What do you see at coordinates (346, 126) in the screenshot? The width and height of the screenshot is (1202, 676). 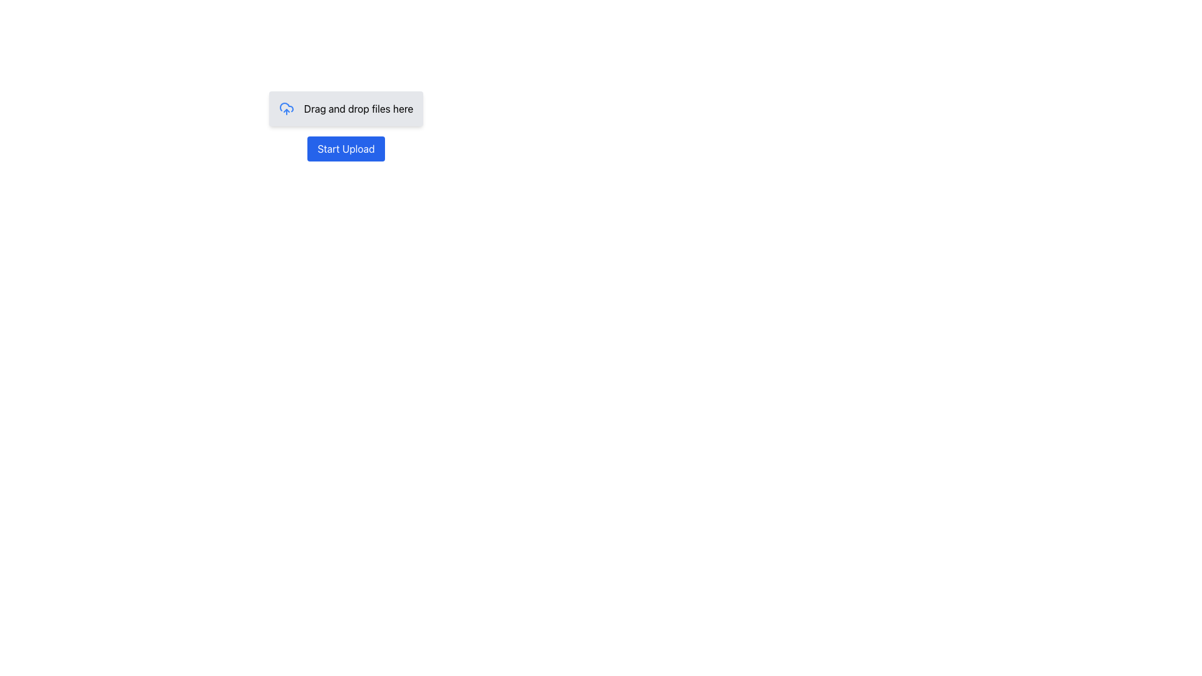 I see `the Upload Section area` at bounding box center [346, 126].